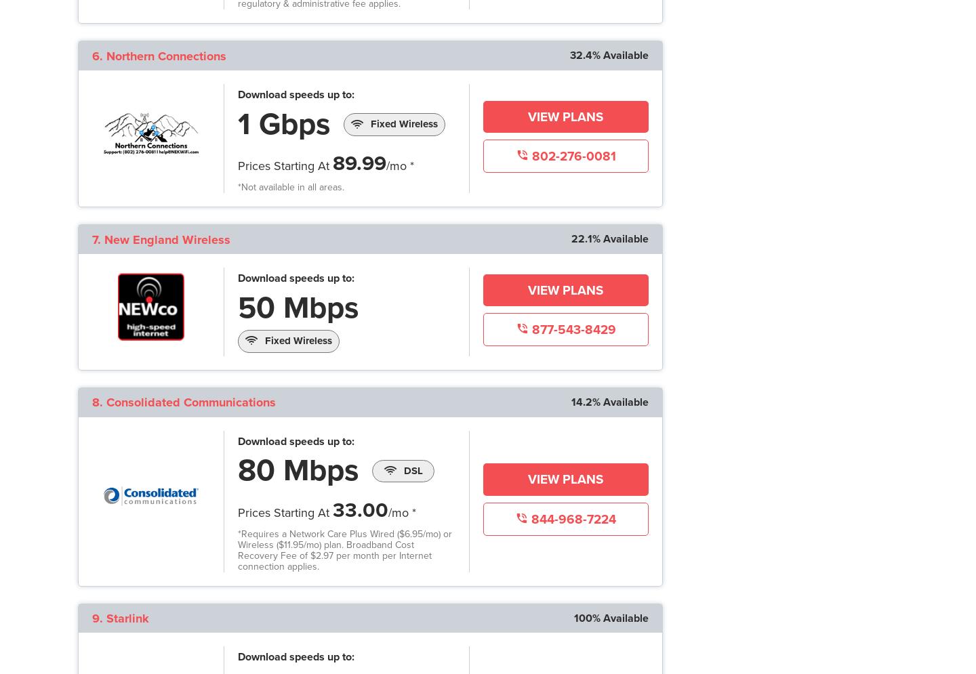 This screenshot has width=976, height=674. What do you see at coordinates (608, 238) in the screenshot?
I see `'22.1% Available'` at bounding box center [608, 238].